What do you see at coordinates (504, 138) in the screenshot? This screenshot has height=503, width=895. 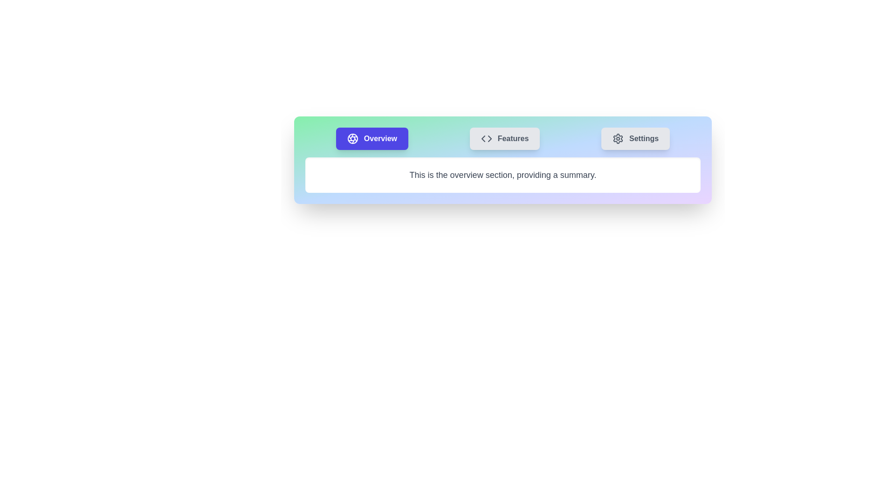 I see `the tab titled Features to observe its icon and title` at bounding box center [504, 138].